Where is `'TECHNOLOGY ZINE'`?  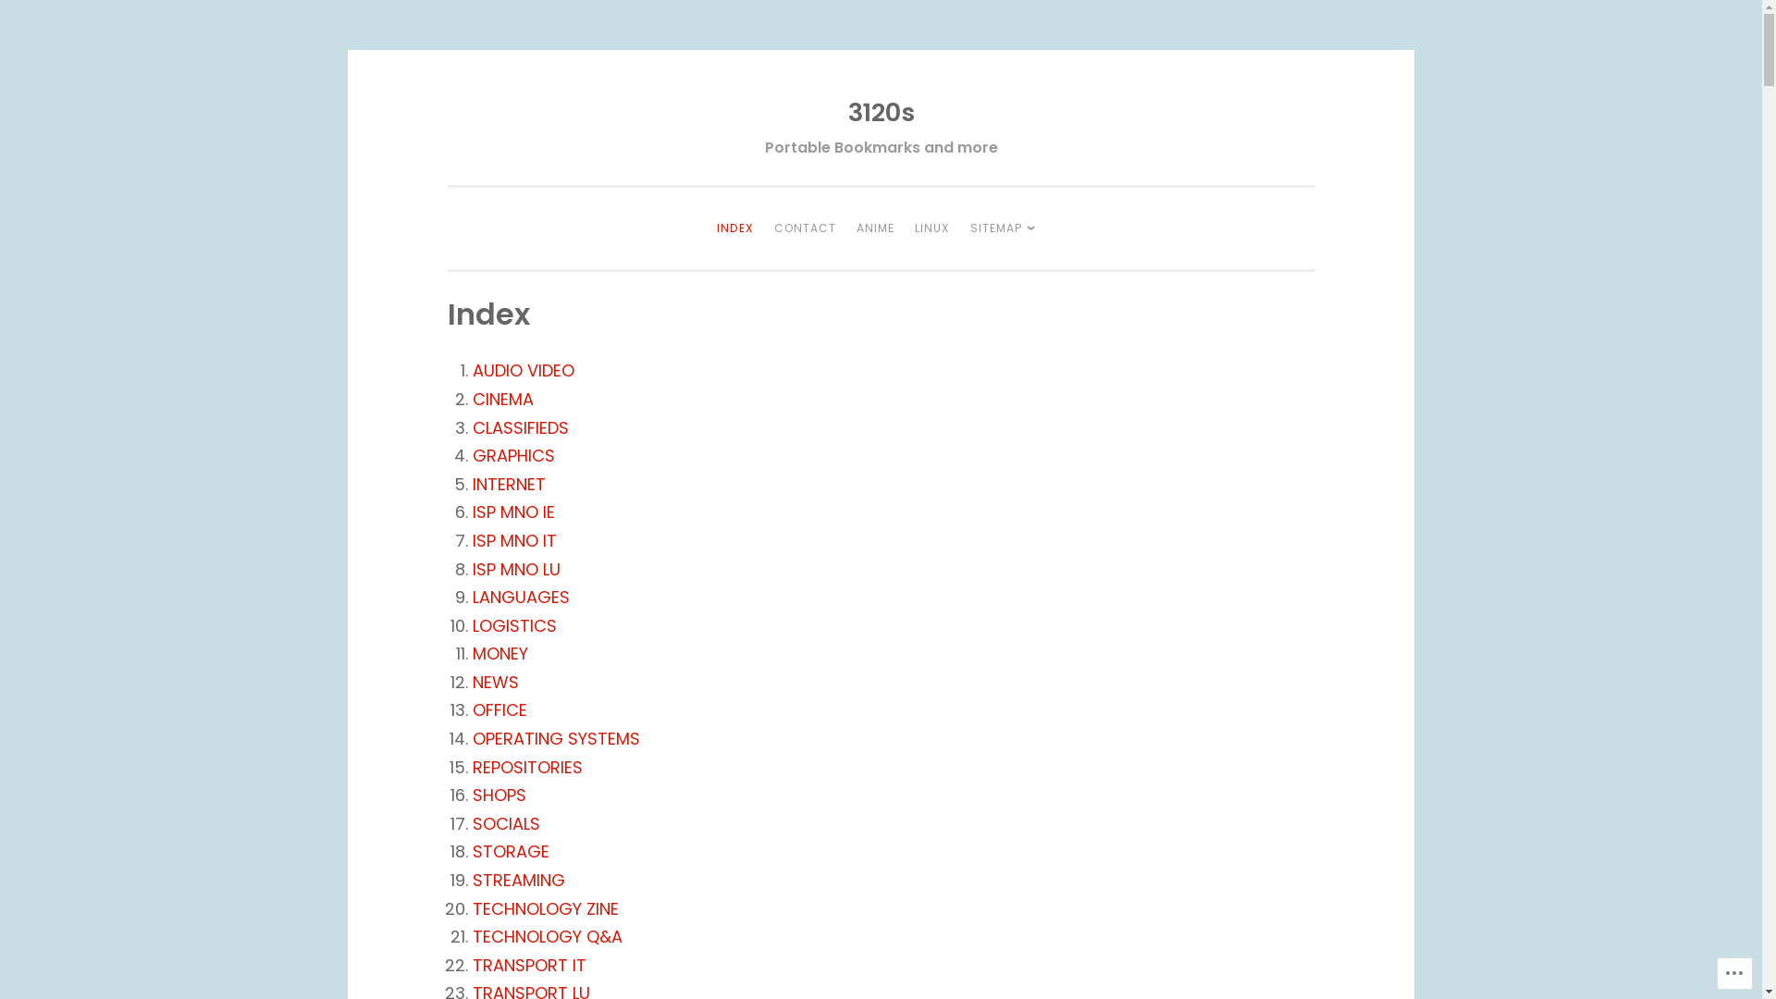
'TECHNOLOGY ZINE' is located at coordinates (545, 907).